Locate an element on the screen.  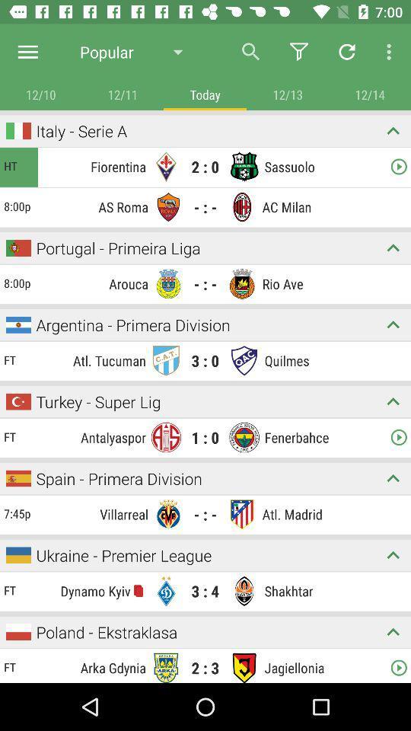
show menu is located at coordinates (27, 52).